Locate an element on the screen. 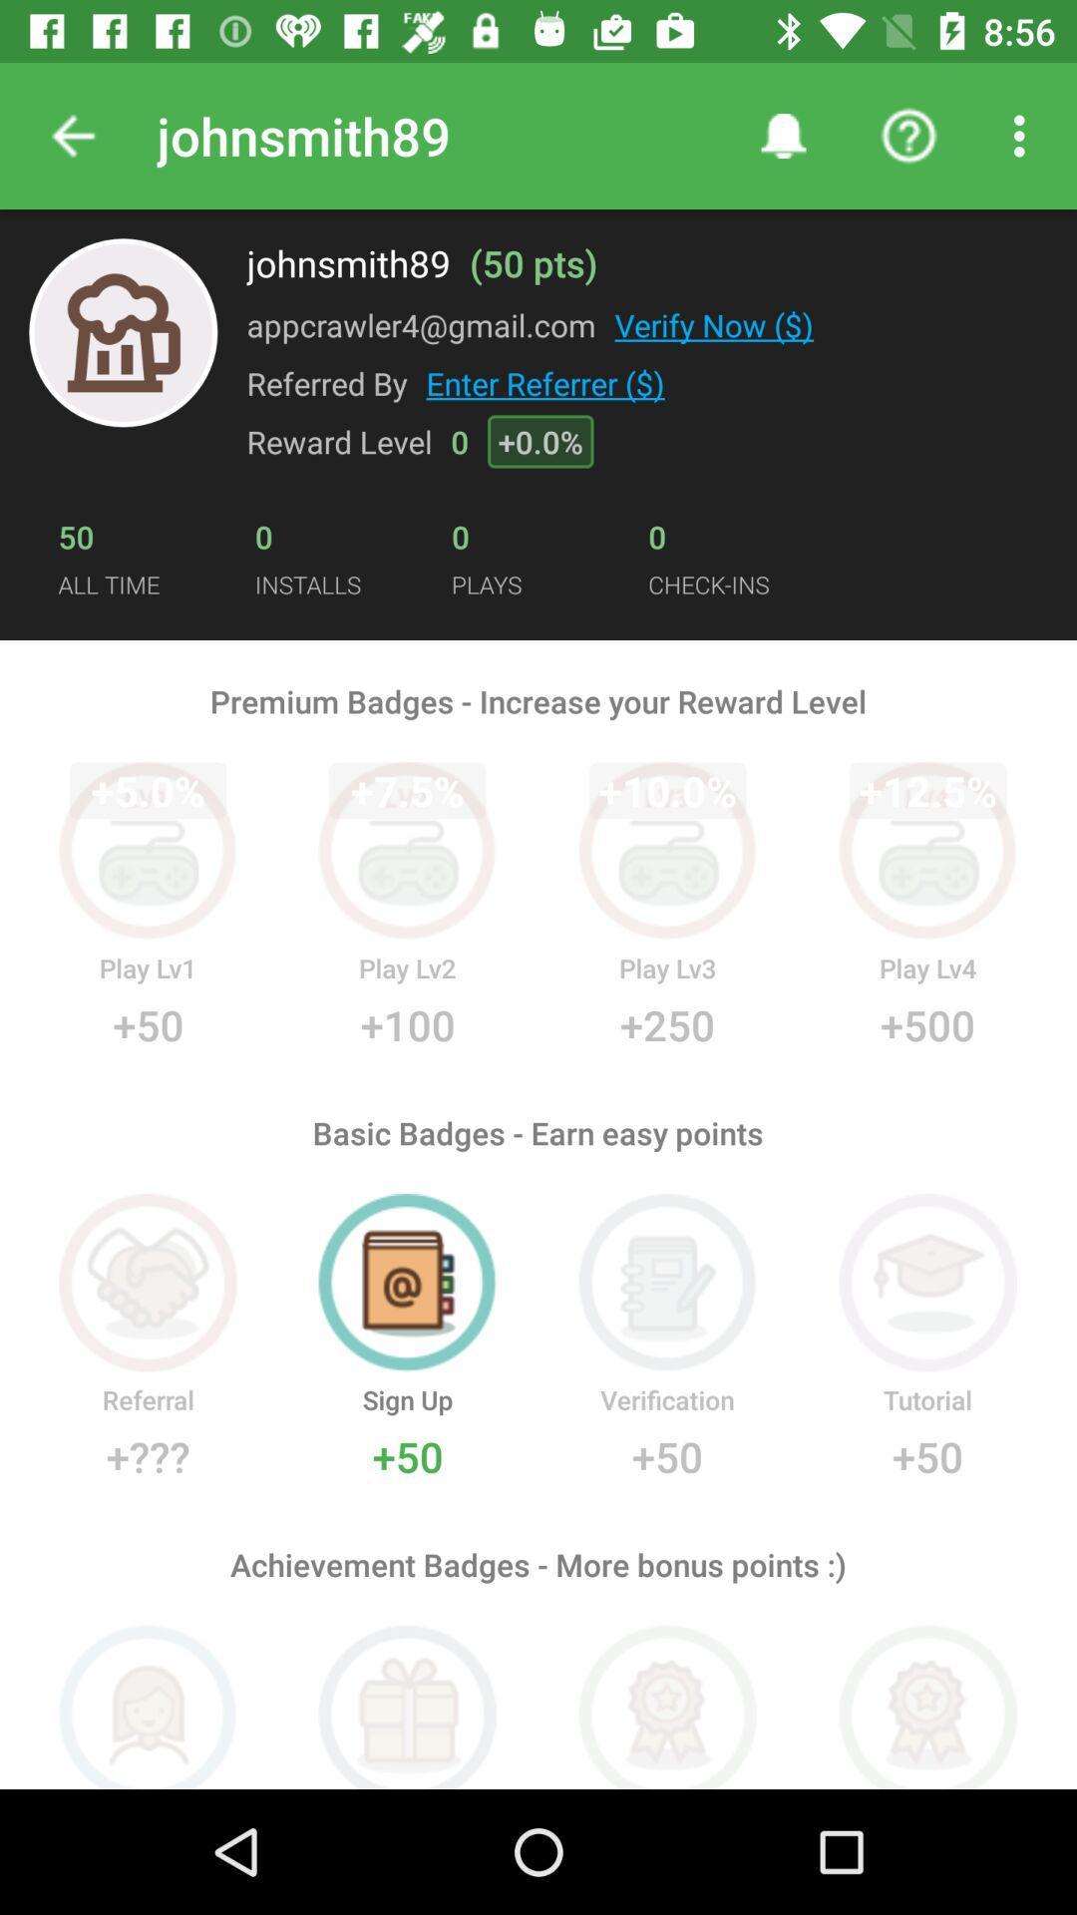 The image size is (1077, 1915). the photo icon is located at coordinates (123, 332).